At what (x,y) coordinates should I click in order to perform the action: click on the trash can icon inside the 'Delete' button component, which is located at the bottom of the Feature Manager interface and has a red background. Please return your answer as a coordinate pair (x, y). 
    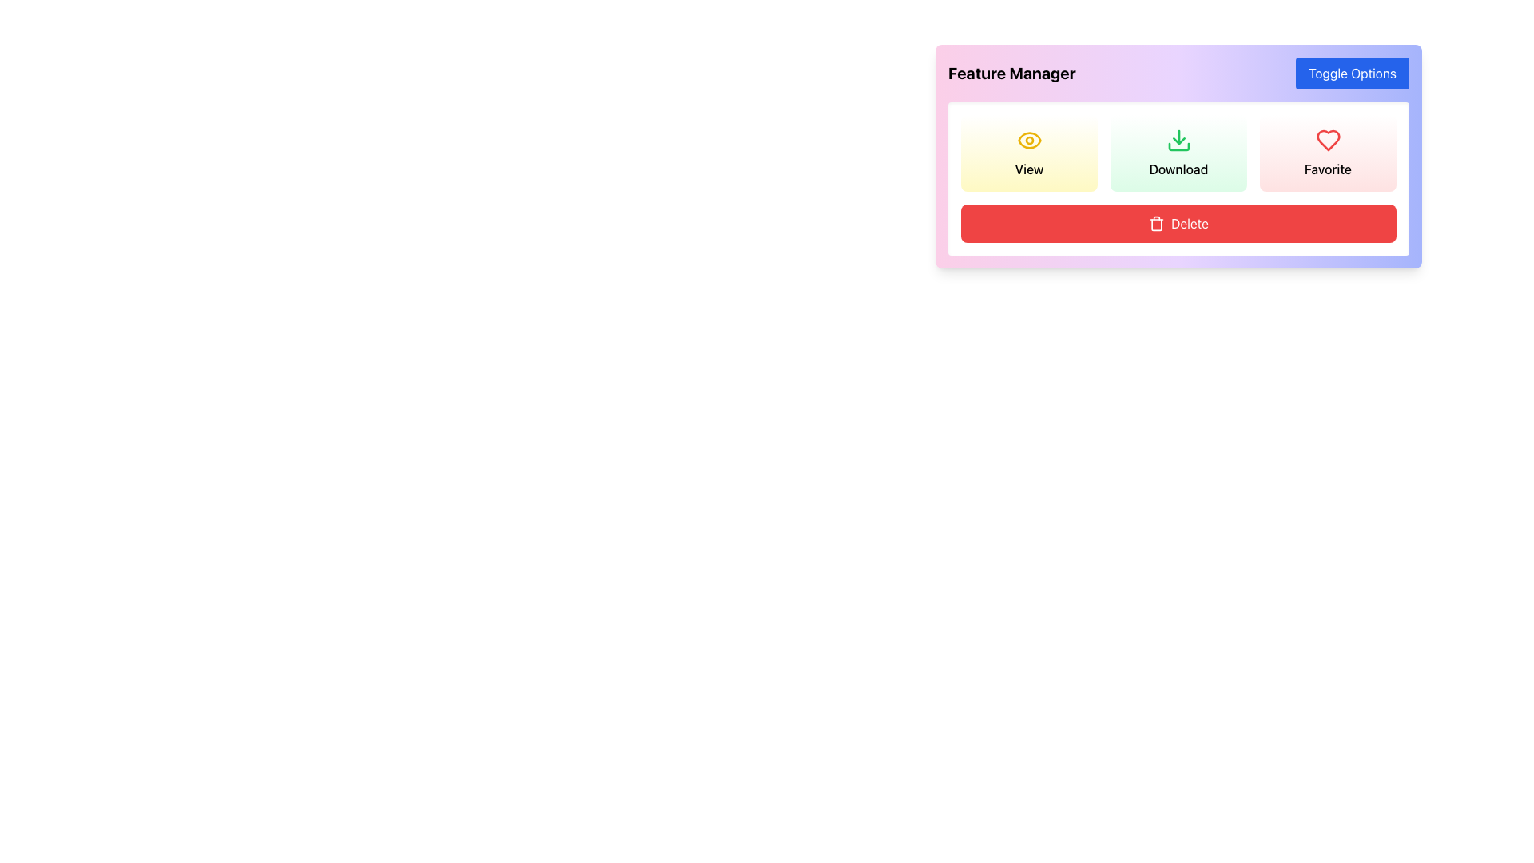
    Looking at the image, I should click on (1157, 225).